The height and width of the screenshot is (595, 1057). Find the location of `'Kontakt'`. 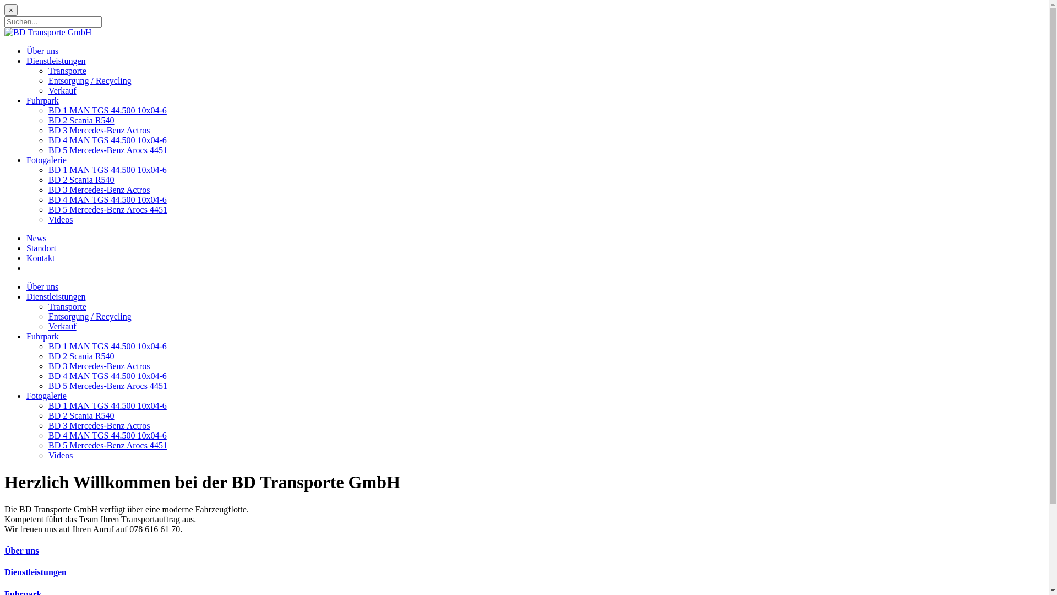

'Kontakt' is located at coordinates (40, 258).